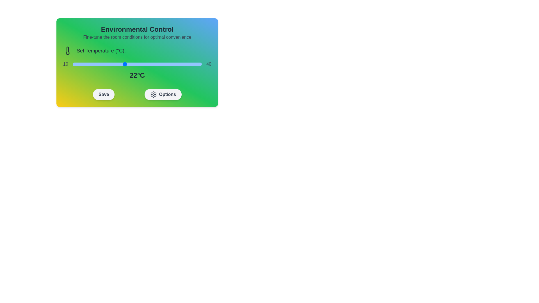 Image resolution: width=539 pixels, height=303 pixels. I want to click on the temperature, so click(171, 64).